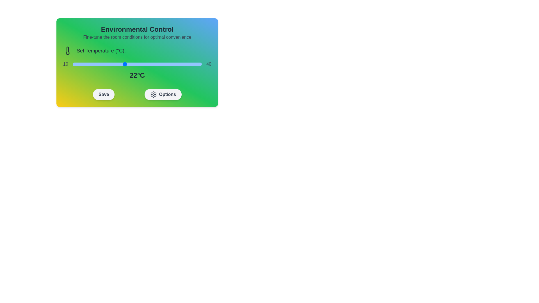 Image resolution: width=539 pixels, height=303 pixels. I want to click on the temperature, so click(171, 64).